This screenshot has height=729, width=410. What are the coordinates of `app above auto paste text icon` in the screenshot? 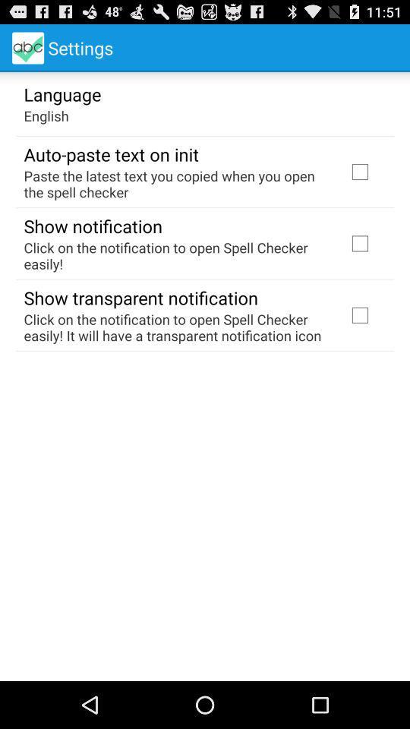 It's located at (46, 115).